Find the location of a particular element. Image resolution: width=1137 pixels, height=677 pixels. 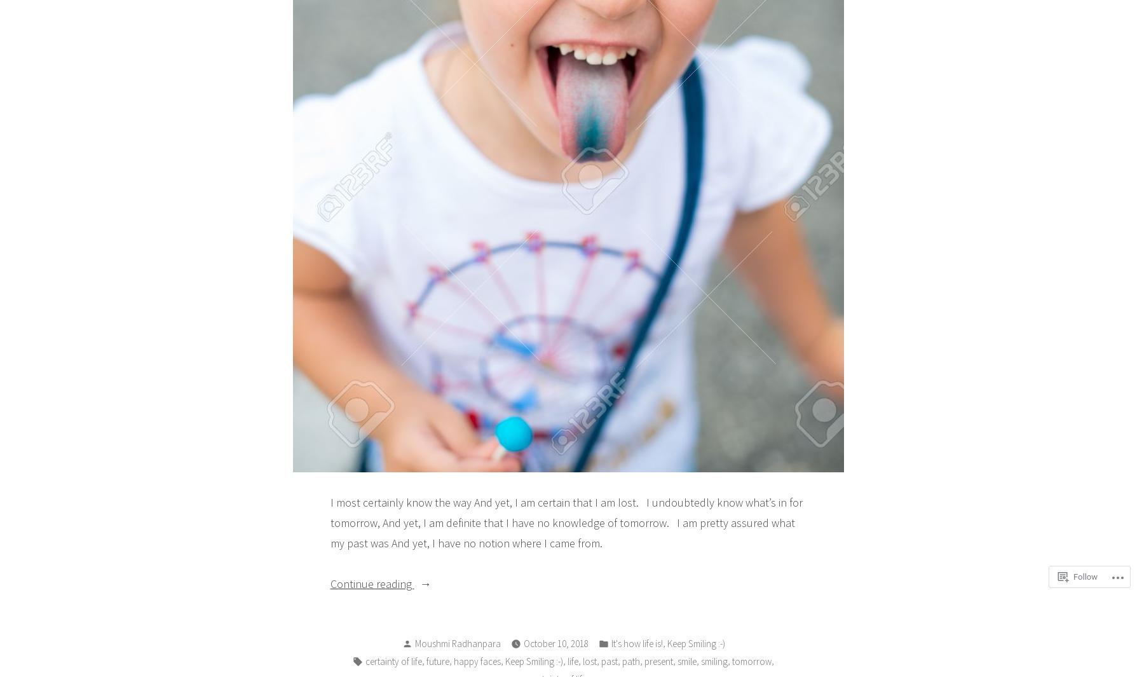

'tomorrow' is located at coordinates (751, 660).